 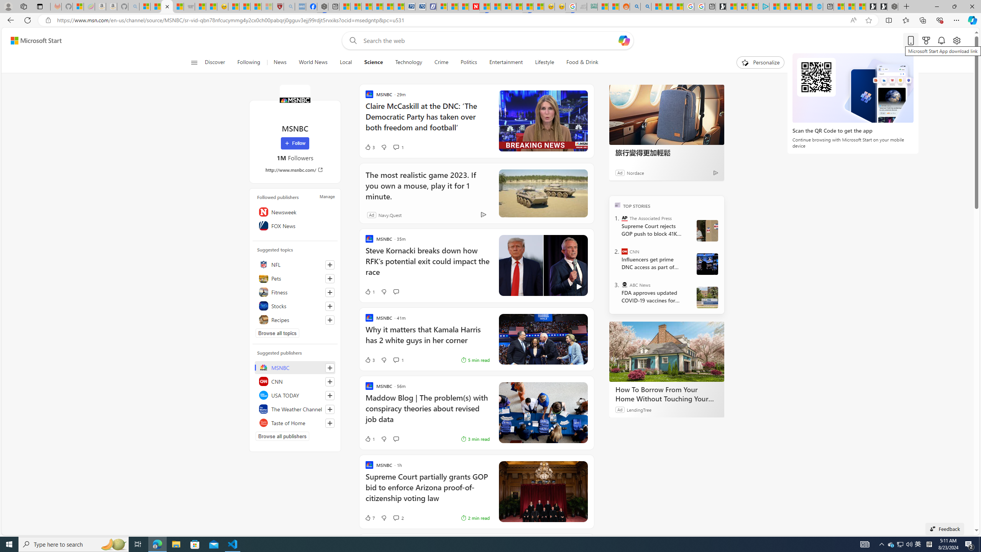 I want to click on 'Follow this topic', so click(x=330, y=320).